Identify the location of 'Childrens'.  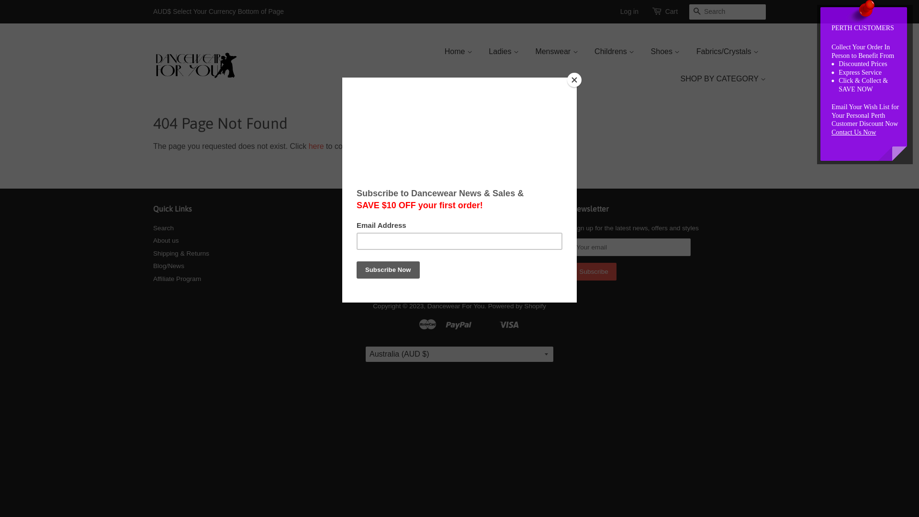
(614, 51).